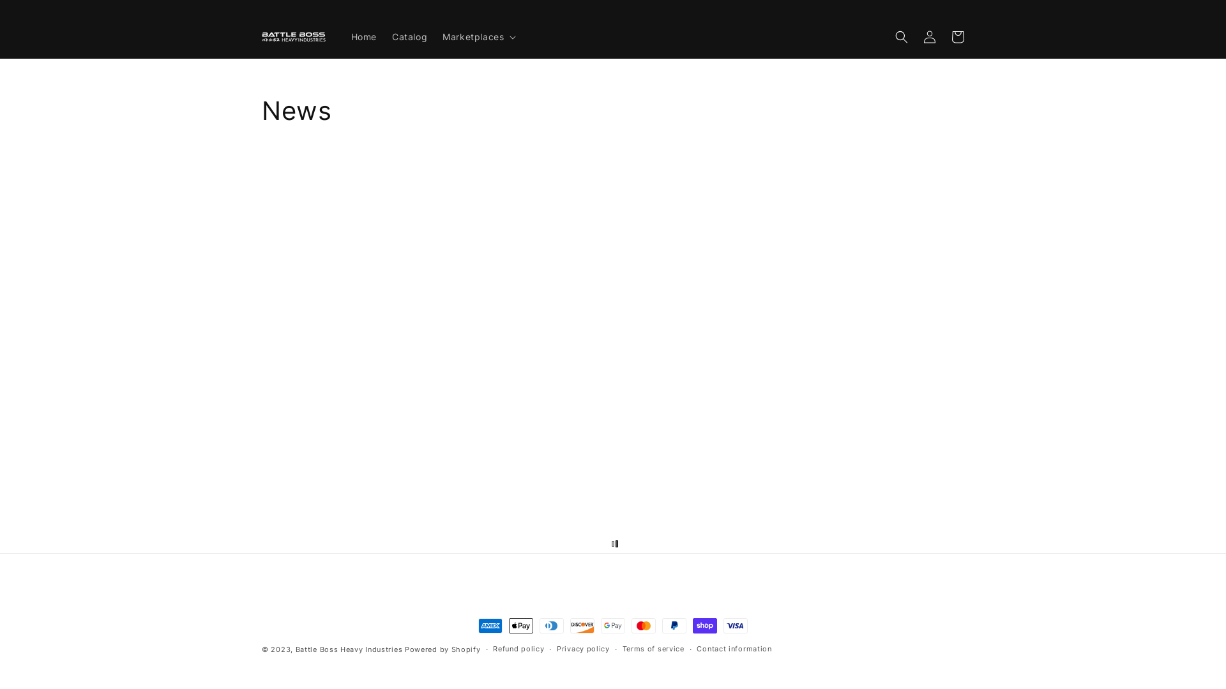 The image size is (1226, 689). I want to click on 'Battle Boss Heavy Industries', so click(294, 649).